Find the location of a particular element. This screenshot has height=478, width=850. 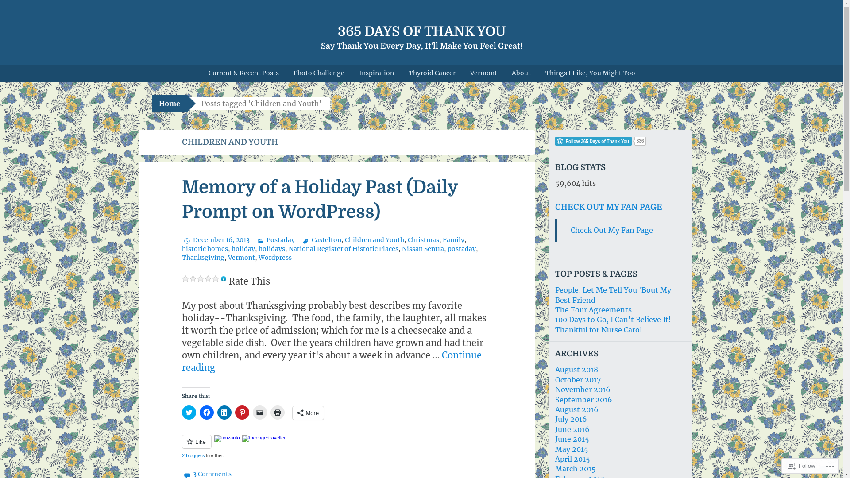

'October 2017' is located at coordinates (578, 379).